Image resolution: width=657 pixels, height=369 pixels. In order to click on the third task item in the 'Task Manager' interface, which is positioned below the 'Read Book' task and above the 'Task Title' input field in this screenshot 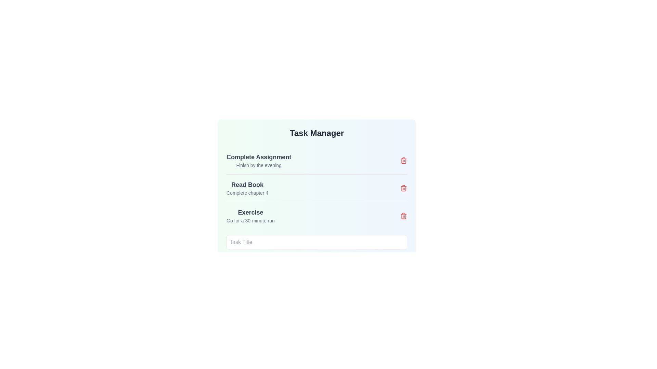, I will do `click(317, 216)`.